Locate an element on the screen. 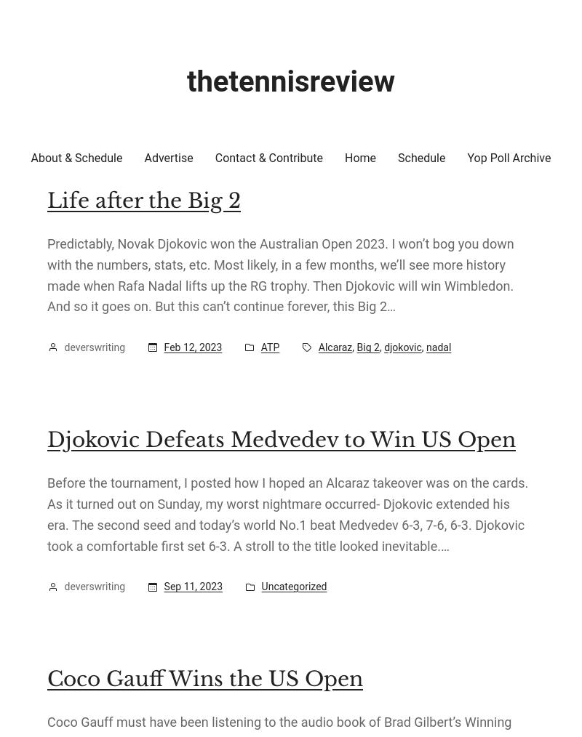 This screenshot has height=737, width=582. 'Life after the Big 2' is located at coordinates (143, 200).